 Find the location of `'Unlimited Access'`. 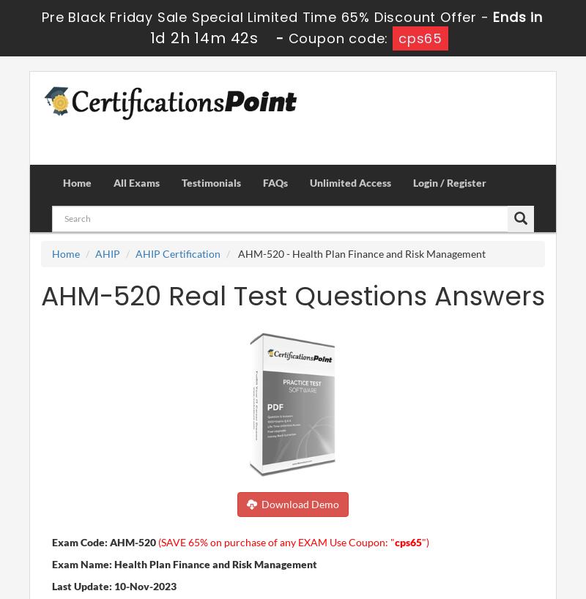

'Unlimited Access' is located at coordinates (310, 182).